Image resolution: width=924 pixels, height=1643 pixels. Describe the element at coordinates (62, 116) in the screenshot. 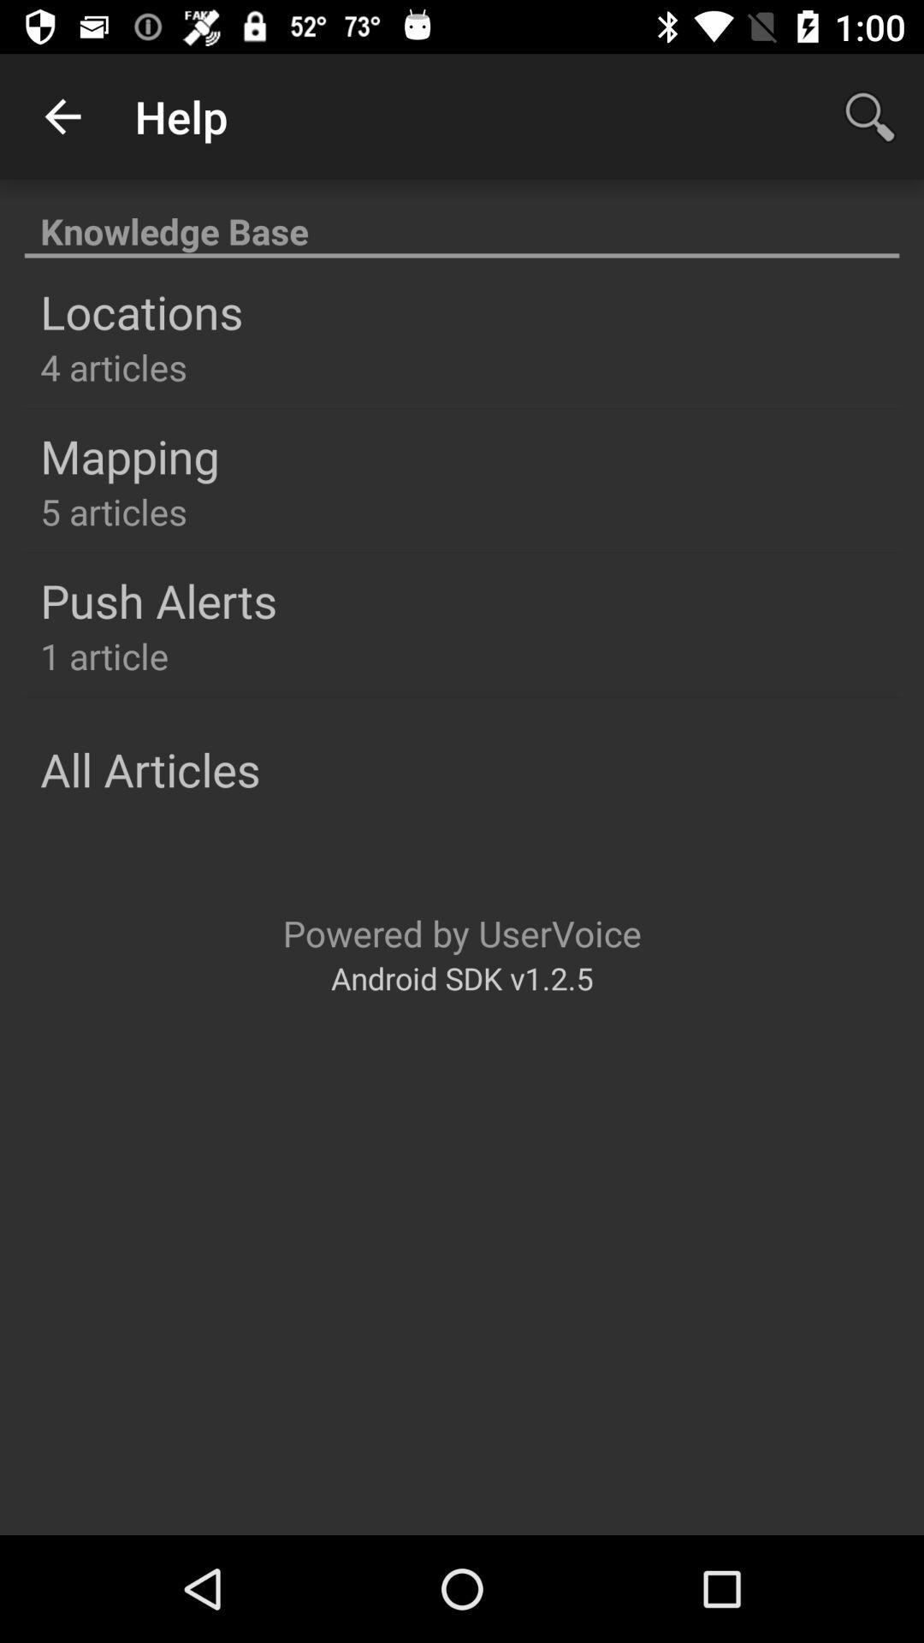

I see `the app next to the help icon` at that location.